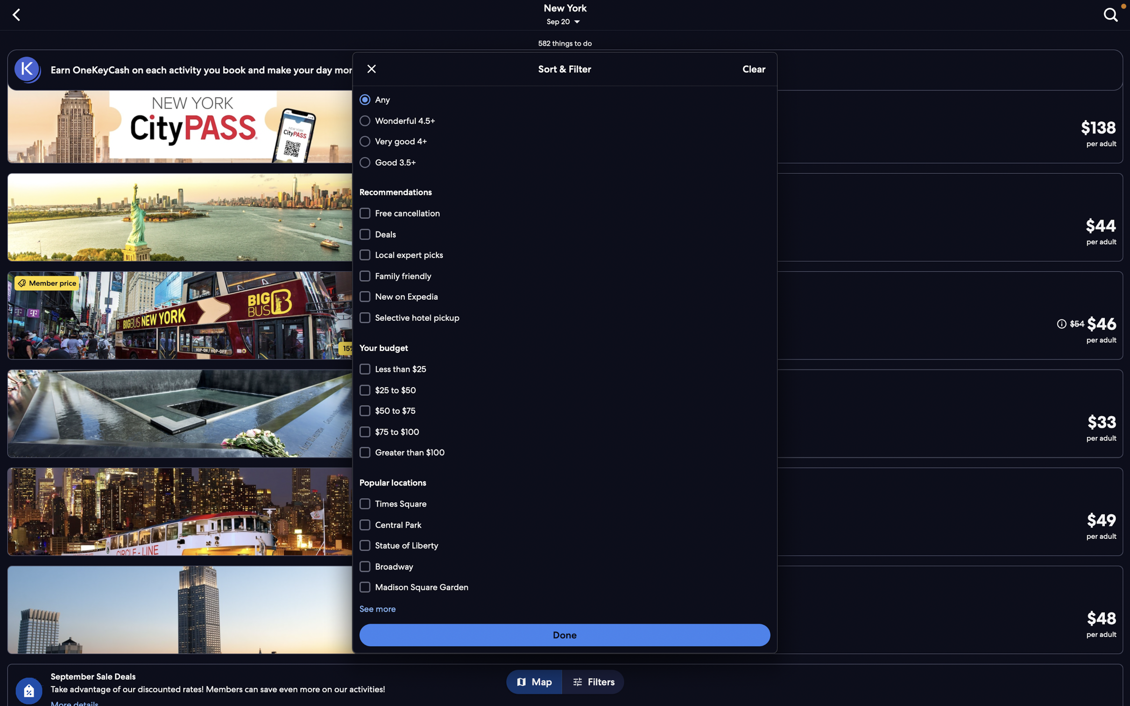 Image resolution: width=1130 pixels, height=706 pixels. What do you see at coordinates (566, 586) in the screenshot?
I see `areas in proximity to "Broadway"` at bounding box center [566, 586].